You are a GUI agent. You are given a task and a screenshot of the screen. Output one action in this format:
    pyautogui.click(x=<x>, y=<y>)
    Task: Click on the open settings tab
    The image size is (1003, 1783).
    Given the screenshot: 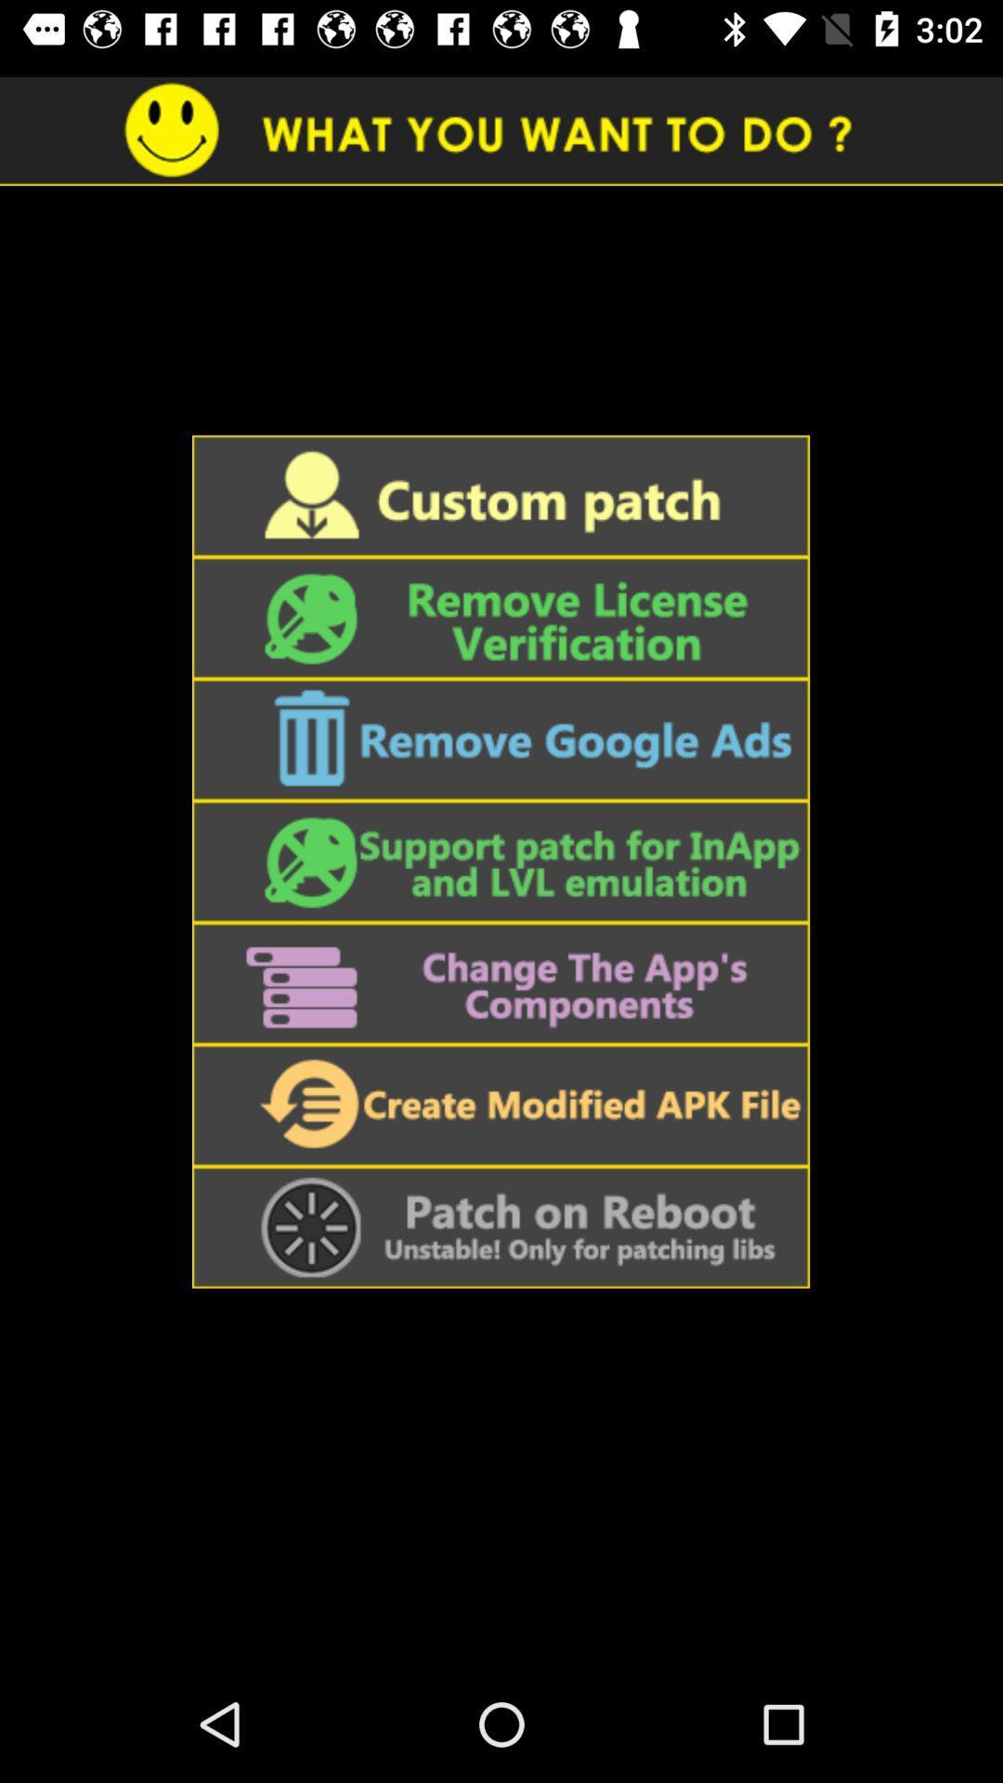 What is the action you would take?
    pyautogui.click(x=500, y=983)
    